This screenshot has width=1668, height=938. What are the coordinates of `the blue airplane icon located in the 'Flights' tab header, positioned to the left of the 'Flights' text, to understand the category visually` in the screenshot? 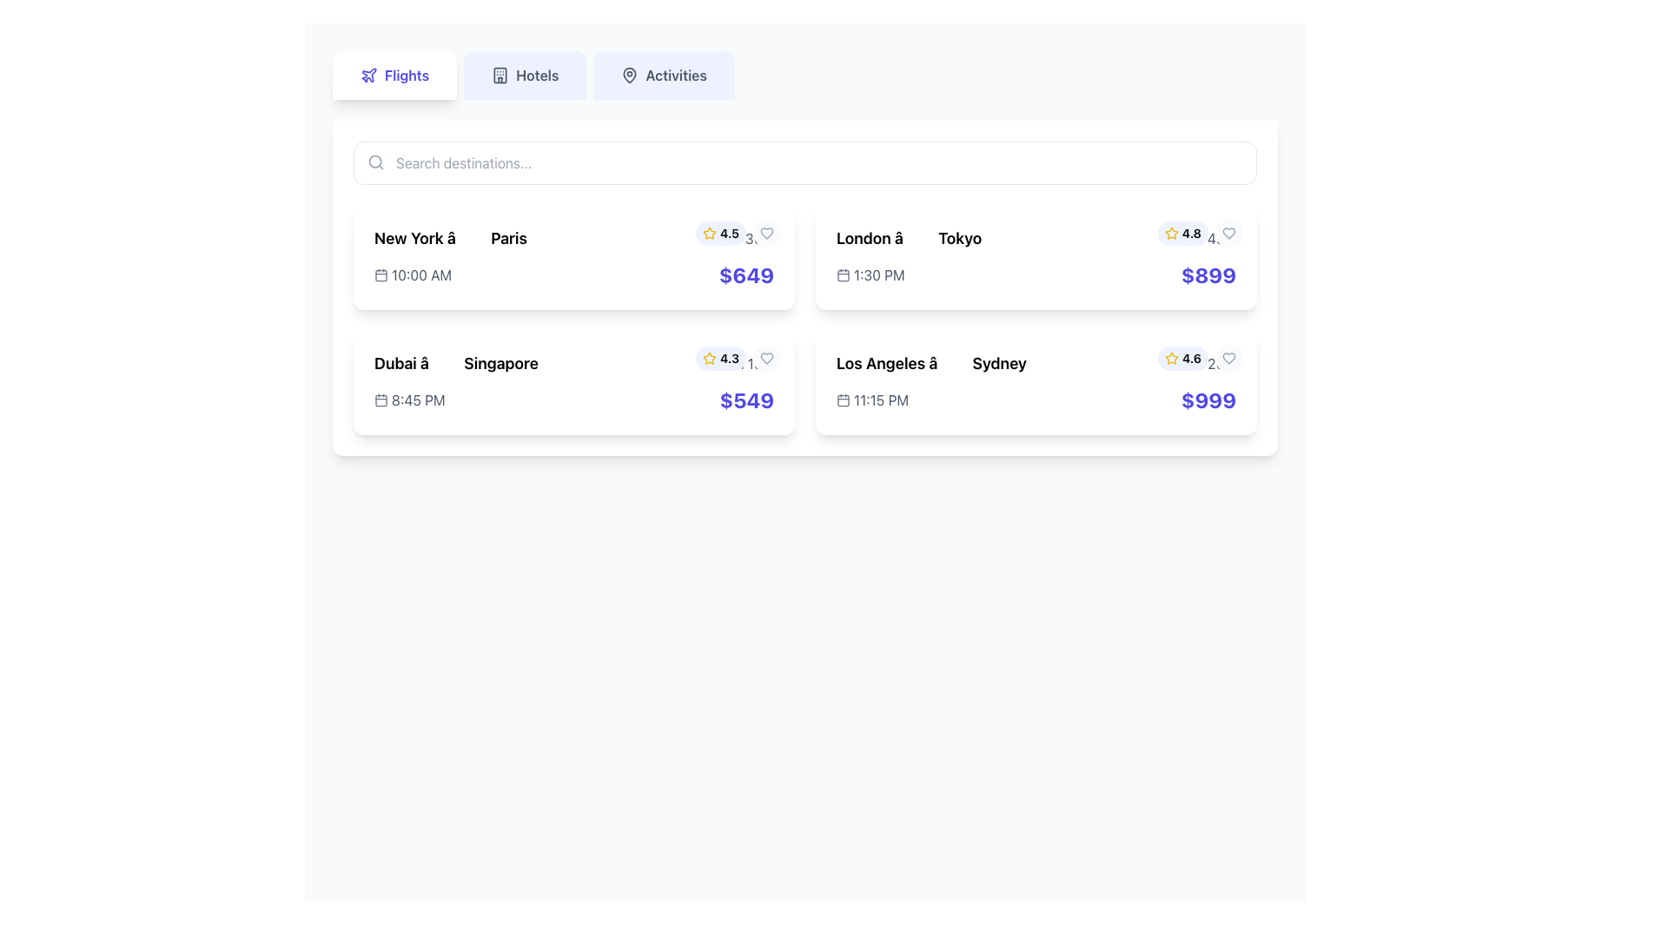 It's located at (368, 75).